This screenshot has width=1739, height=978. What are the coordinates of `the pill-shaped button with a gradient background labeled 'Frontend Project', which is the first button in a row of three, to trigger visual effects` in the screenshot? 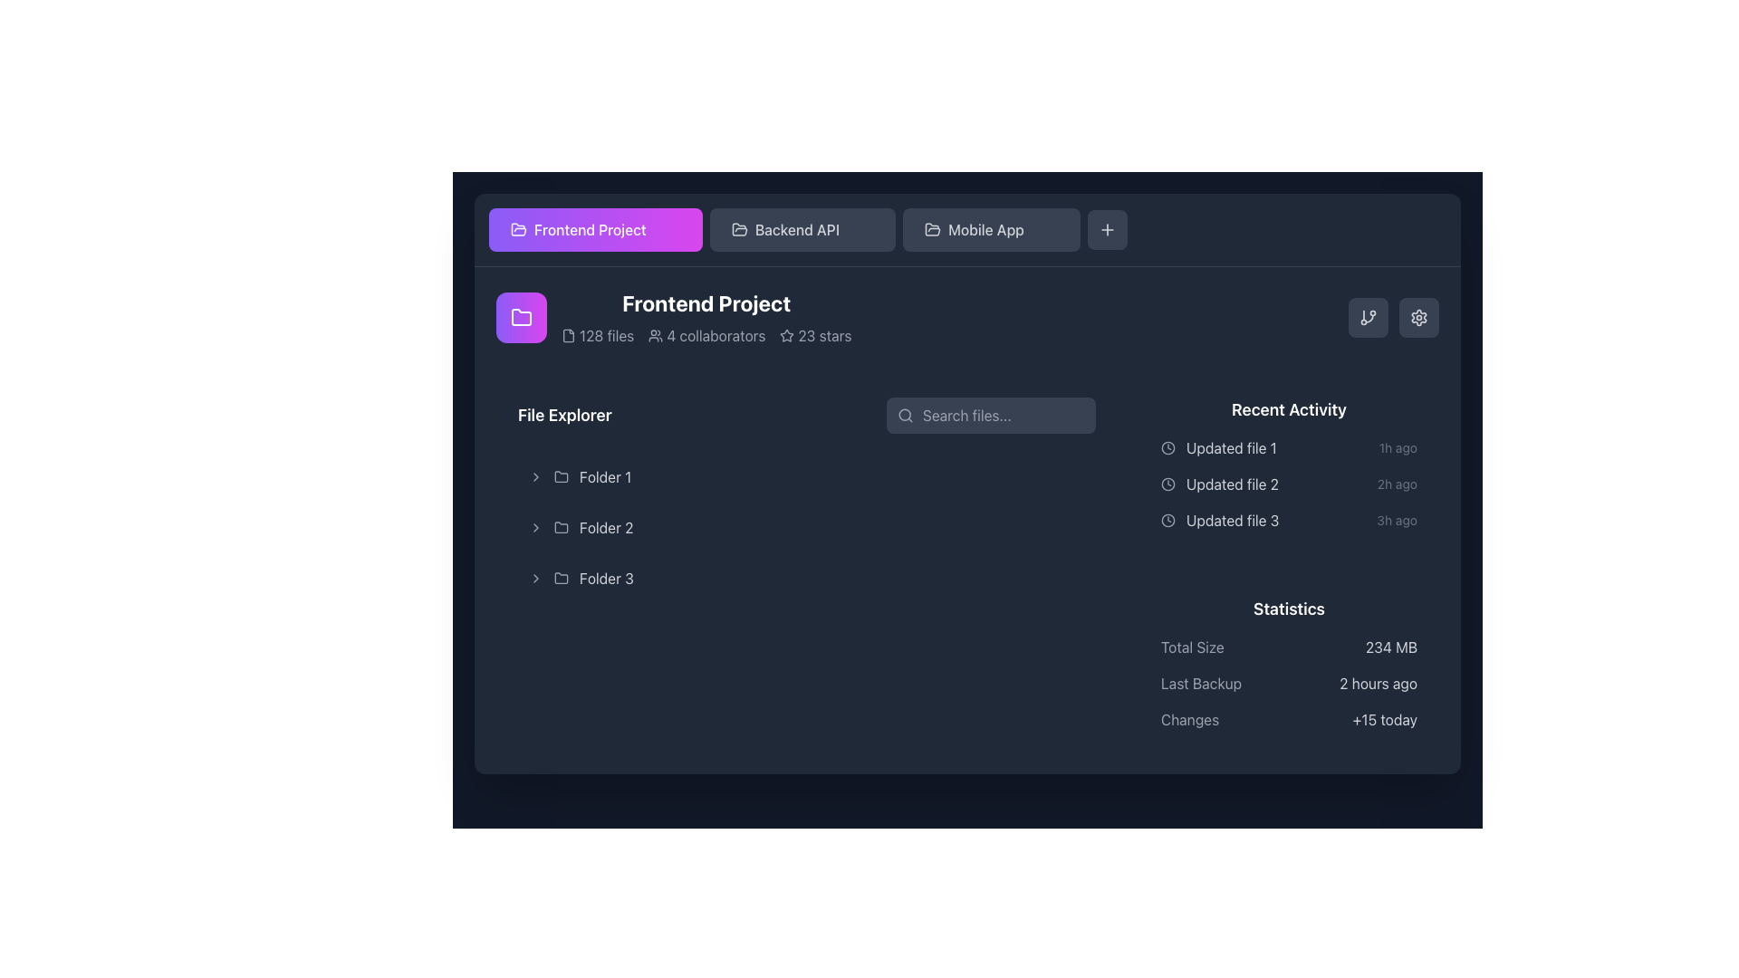 It's located at (595, 229).